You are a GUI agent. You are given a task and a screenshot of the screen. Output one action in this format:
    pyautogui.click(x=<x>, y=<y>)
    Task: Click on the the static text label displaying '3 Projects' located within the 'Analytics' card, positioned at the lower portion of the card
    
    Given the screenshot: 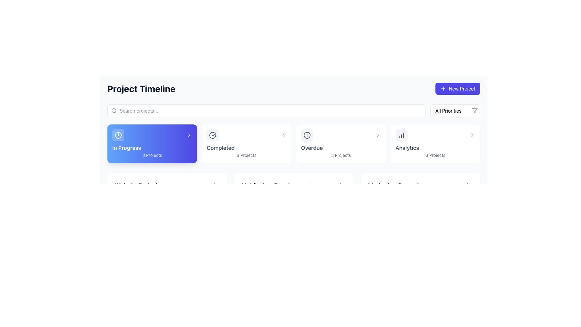 What is the action you would take?
    pyautogui.click(x=435, y=155)
    